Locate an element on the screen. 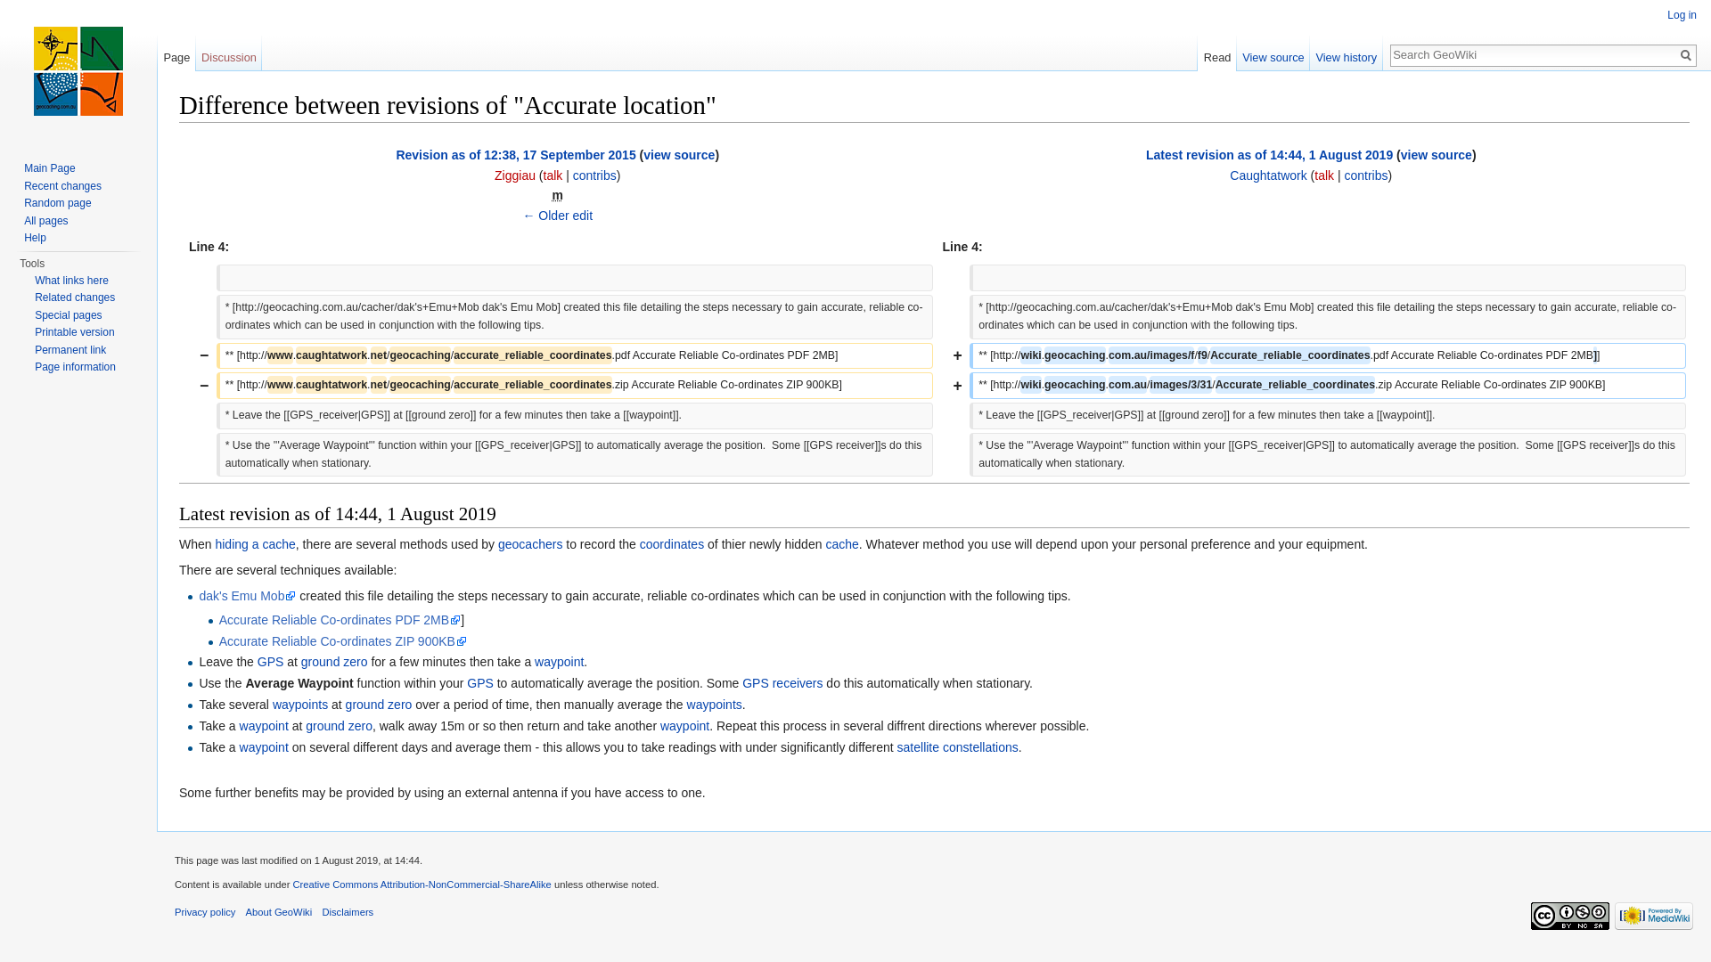 The image size is (1711, 962). 'Recent changes' is located at coordinates (62, 185).